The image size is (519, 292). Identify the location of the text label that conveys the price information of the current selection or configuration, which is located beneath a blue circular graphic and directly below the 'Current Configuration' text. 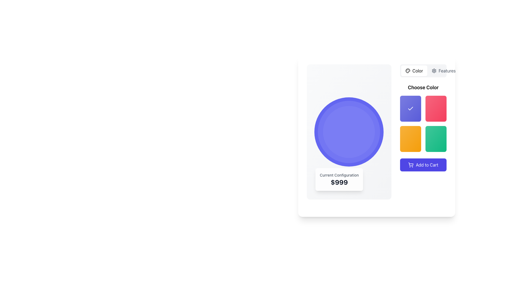
(339, 182).